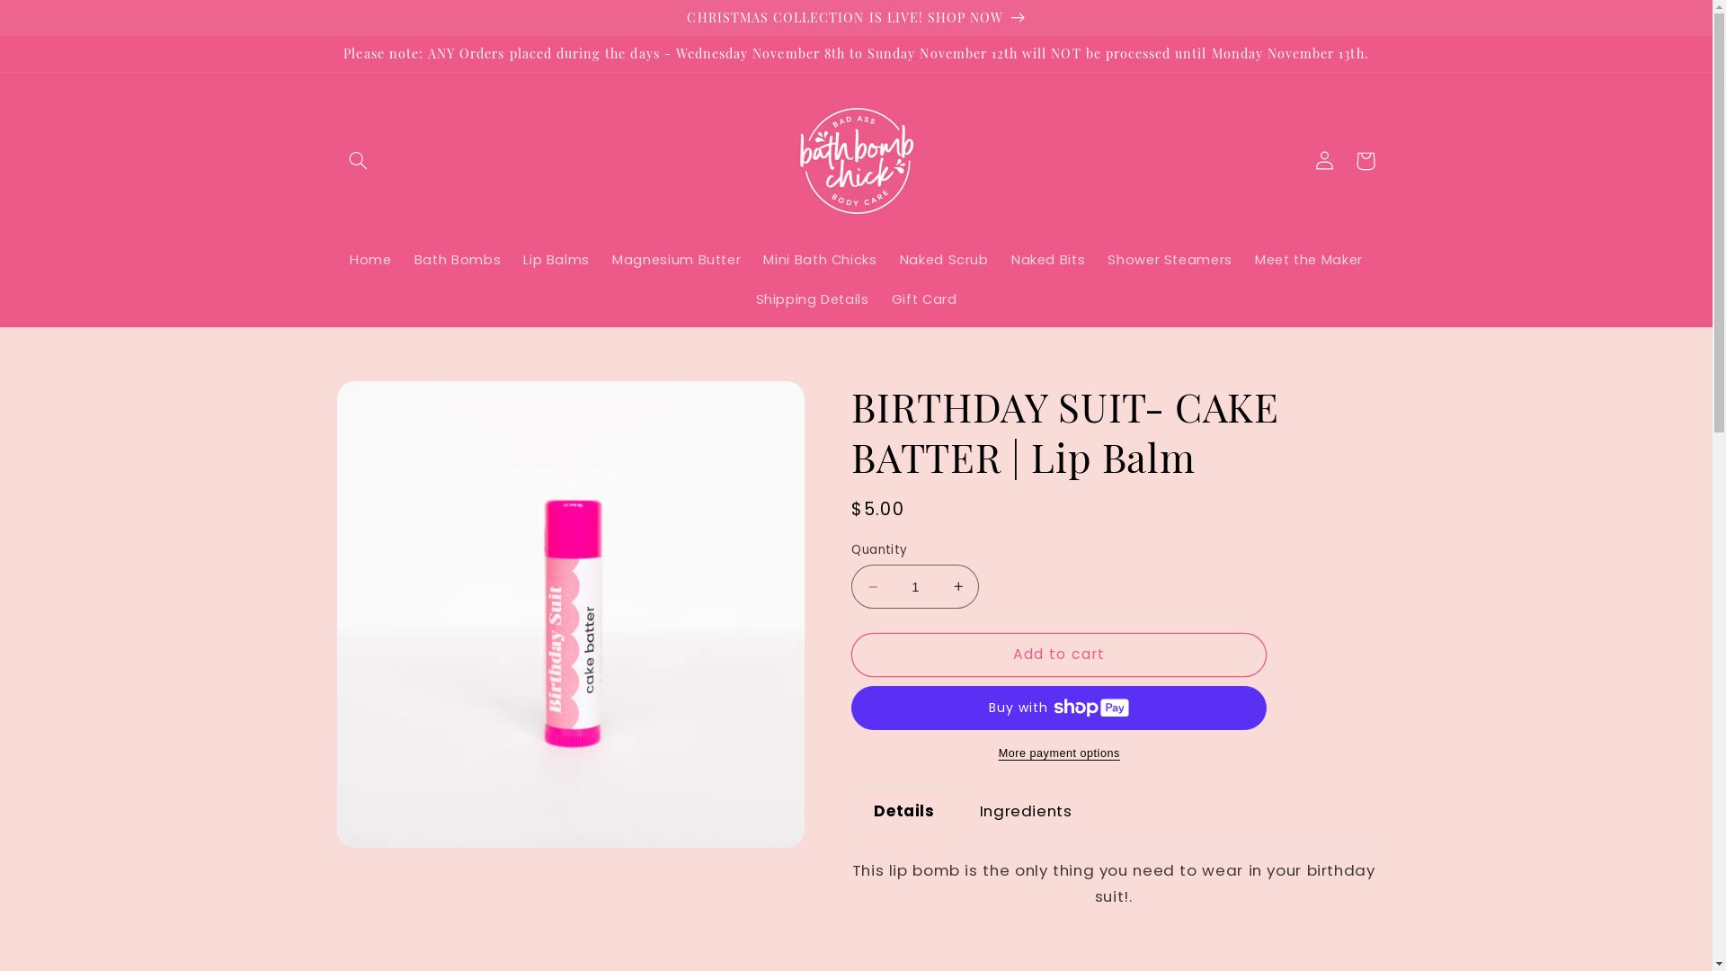 The image size is (1726, 971). Describe the element at coordinates (457, 260) in the screenshot. I see `'Bath Bombs'` at that location.